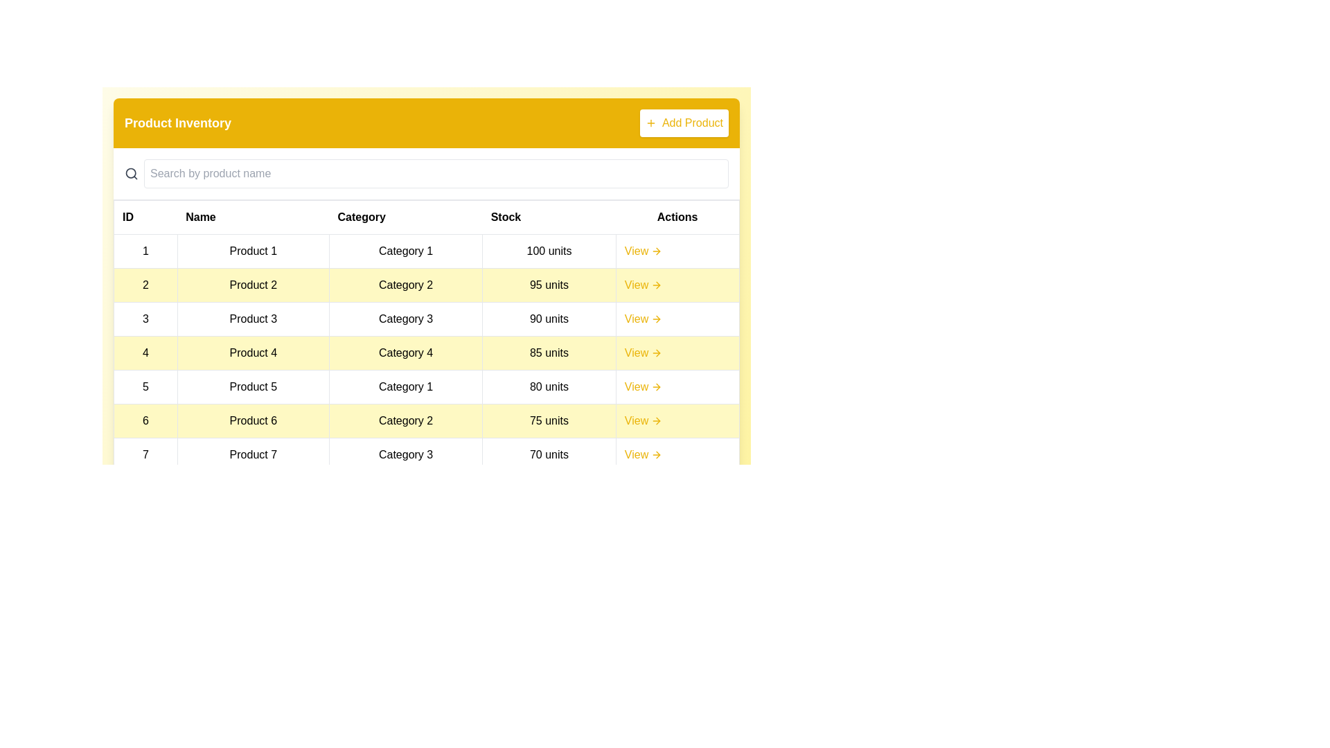  What do you see at coordinates (145, 217) in the screenshot?
I see `the table header to sort by ID` at bounding box center [145, 217].